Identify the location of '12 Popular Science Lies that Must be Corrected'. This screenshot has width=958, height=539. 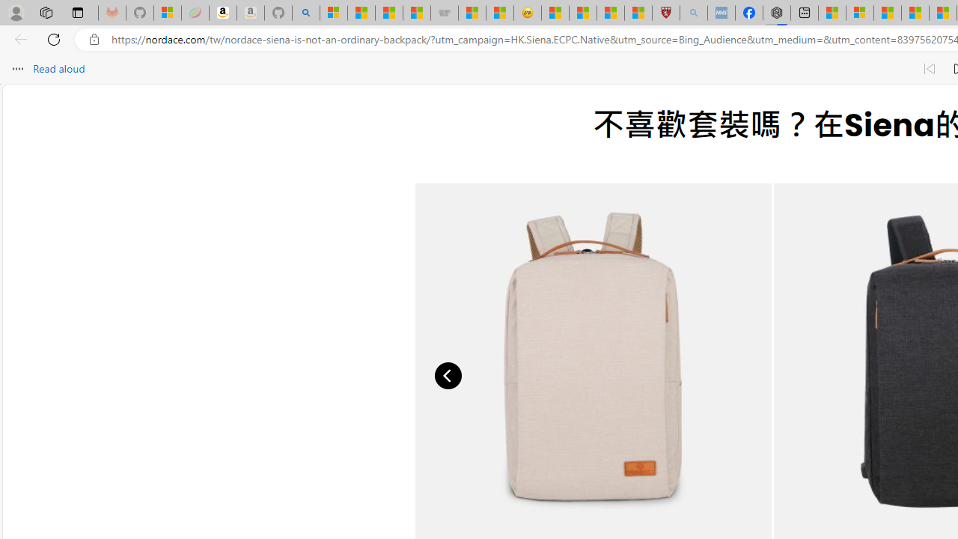
(638, 13).